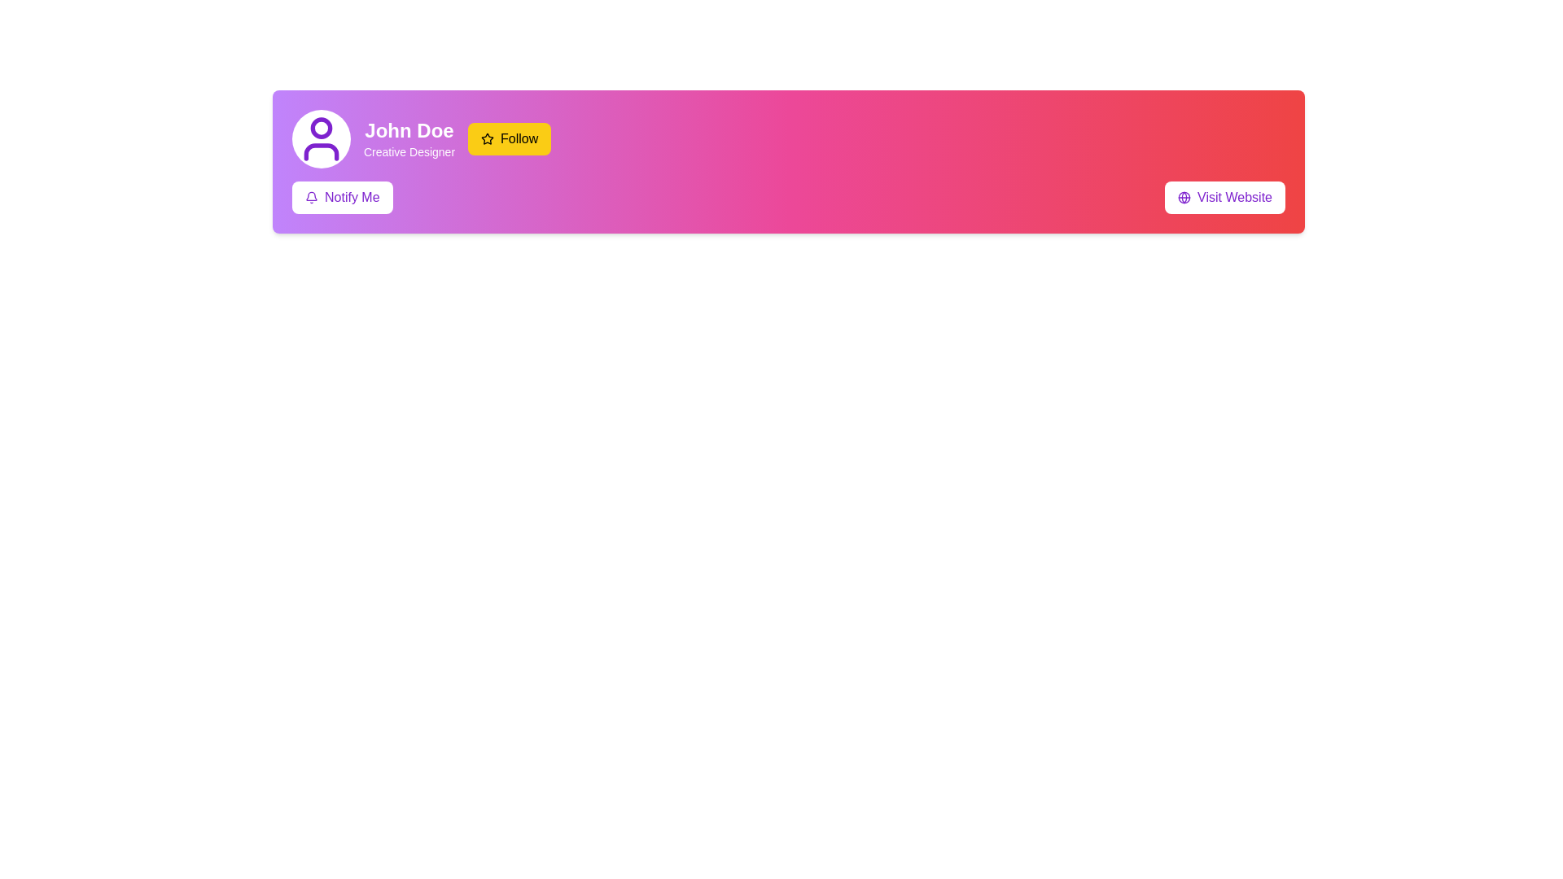 This screenshot has height=879, width=1563. Describe the element at coordinates (1184, 197) in the screenshot. I see `the circular SVG element that is part of the 'Visit Website' button, which has a purple theme and is located on the right side of the button` at that location.